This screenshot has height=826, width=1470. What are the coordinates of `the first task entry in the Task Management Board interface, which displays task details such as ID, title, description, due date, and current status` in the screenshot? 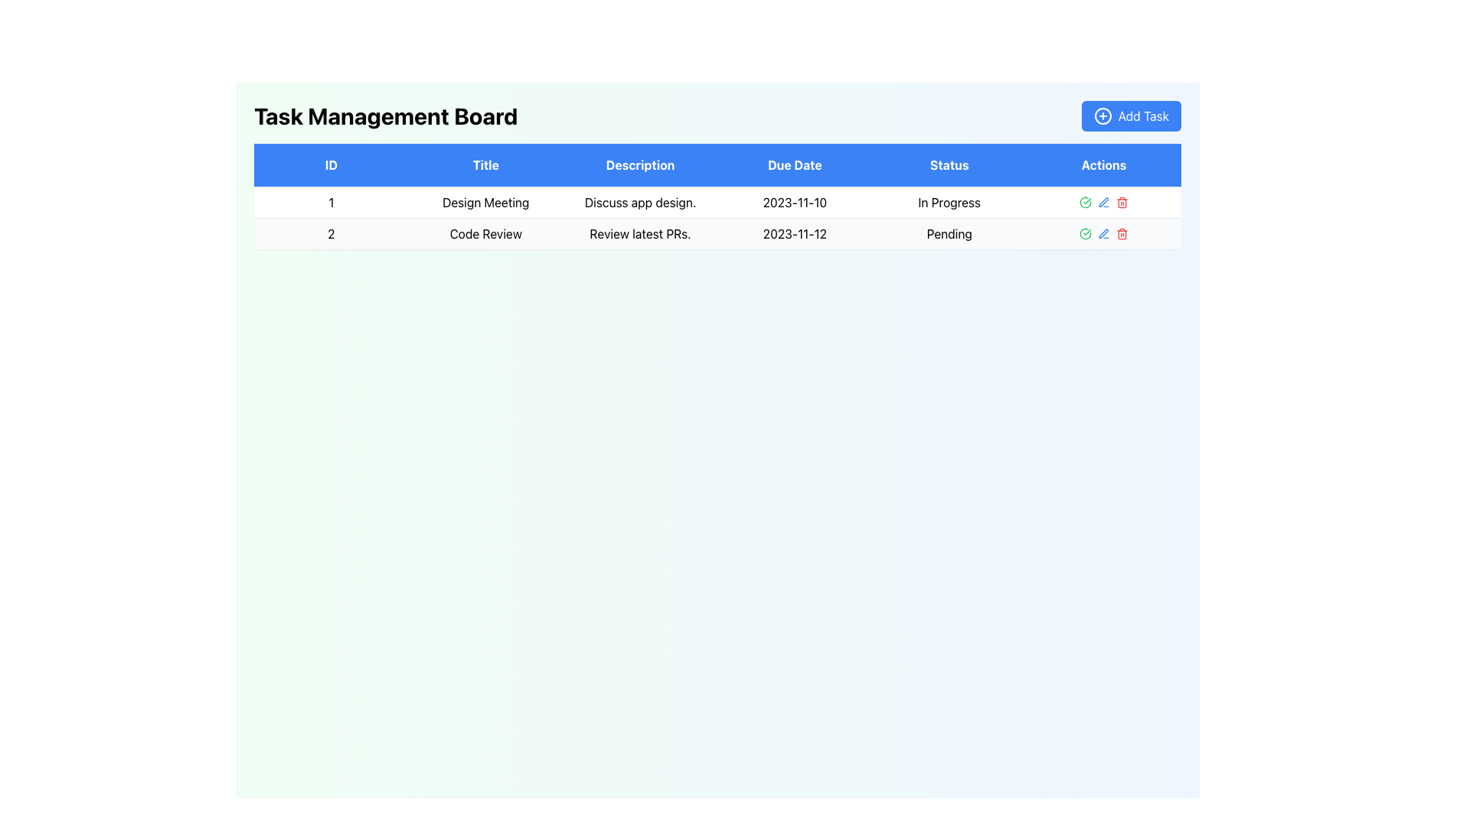 It's located at (717, 218).